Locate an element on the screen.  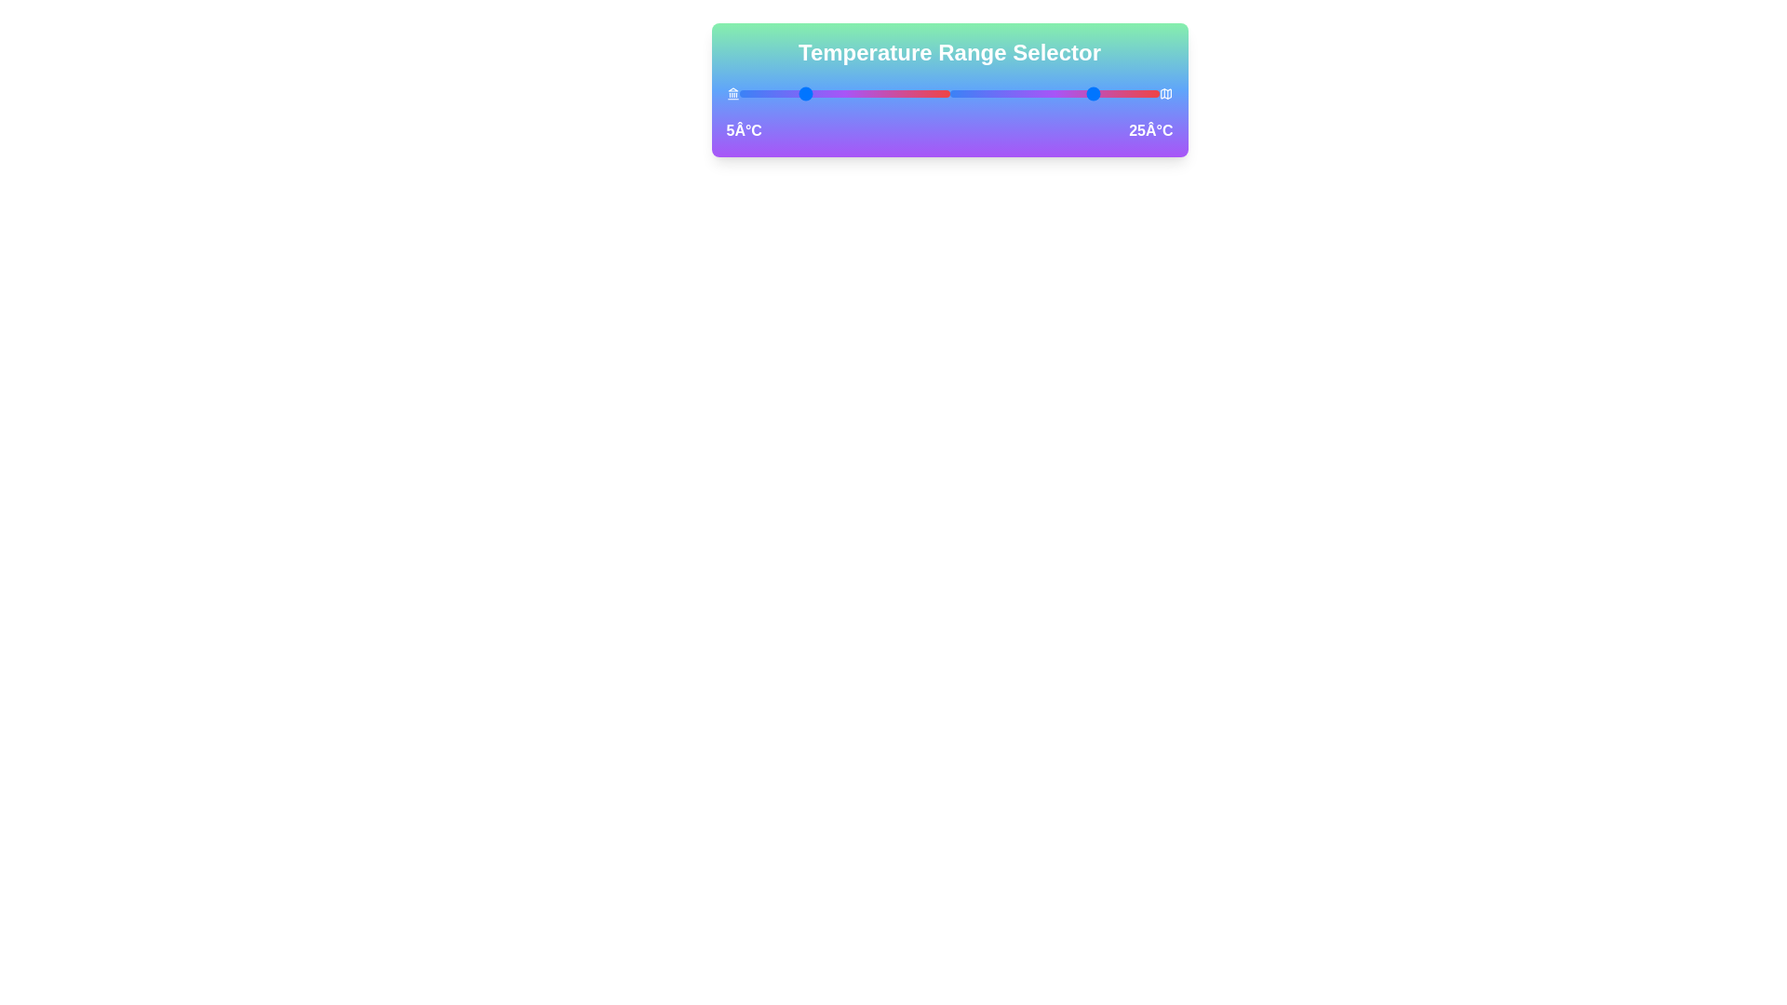
the map icon is located at coordinates (1165, 93).